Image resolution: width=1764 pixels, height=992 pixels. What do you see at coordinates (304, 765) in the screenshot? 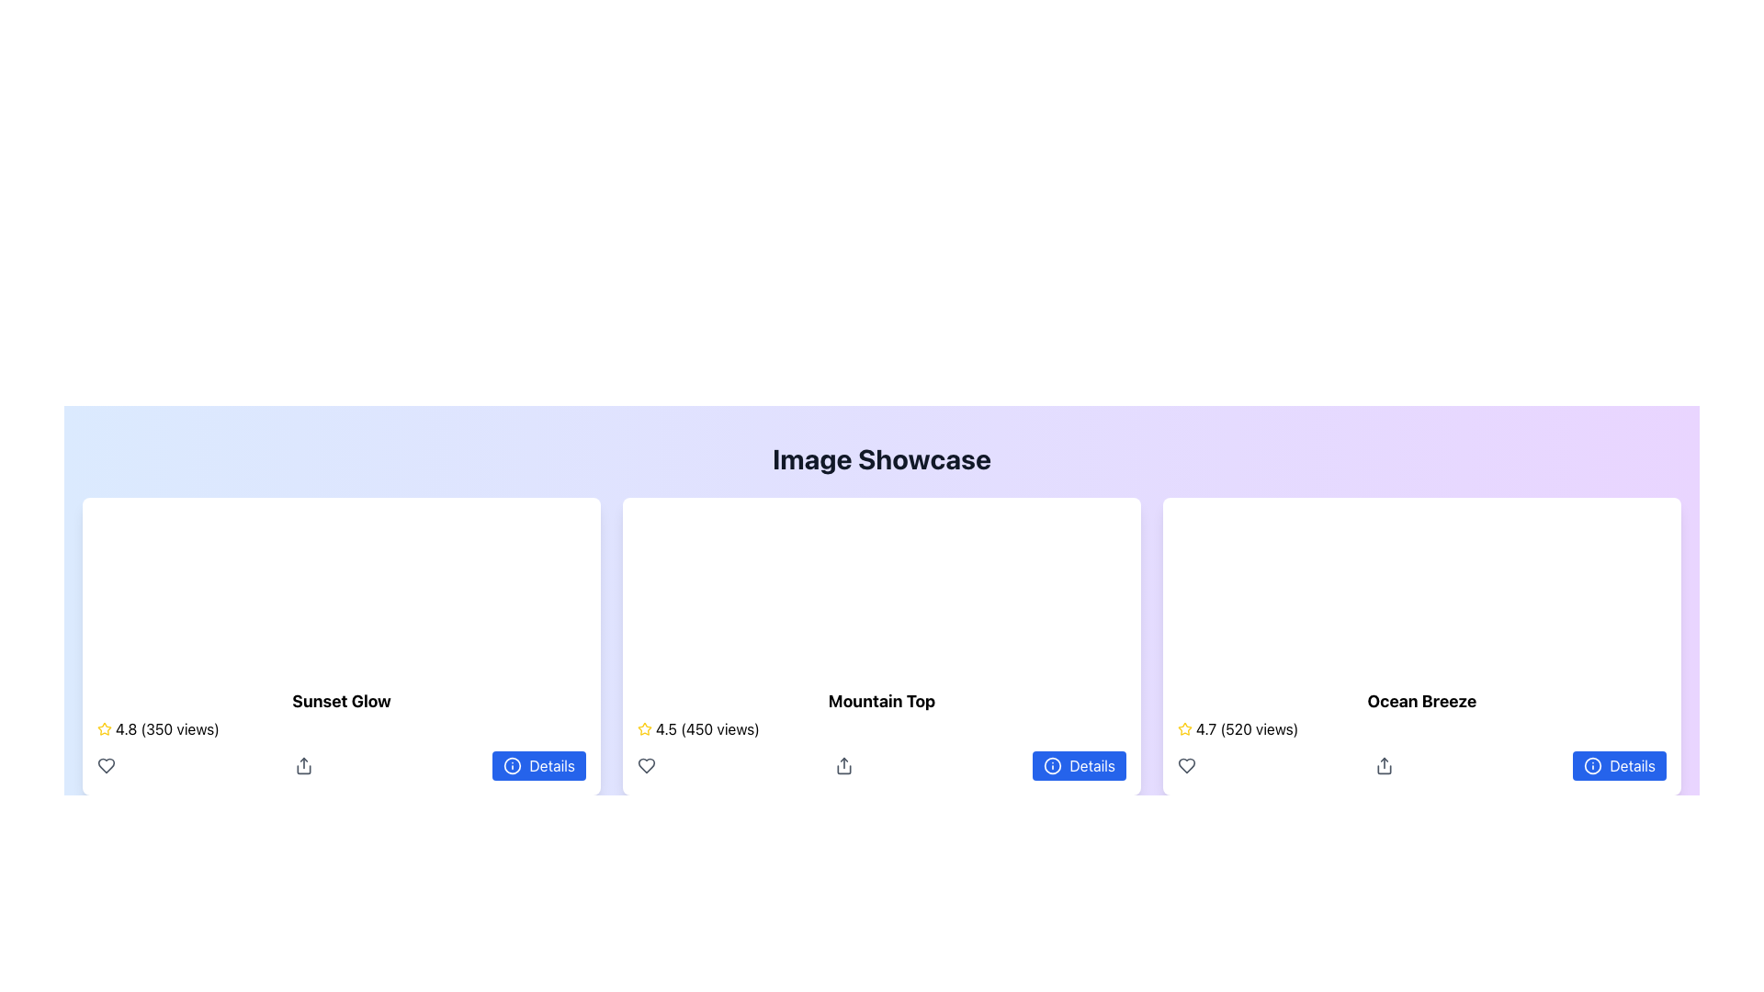
I see `the share icon button located between the heart icon and the blue 'Details' button to share the content 'Sunset Glow'` at bounding box center [304, 765].